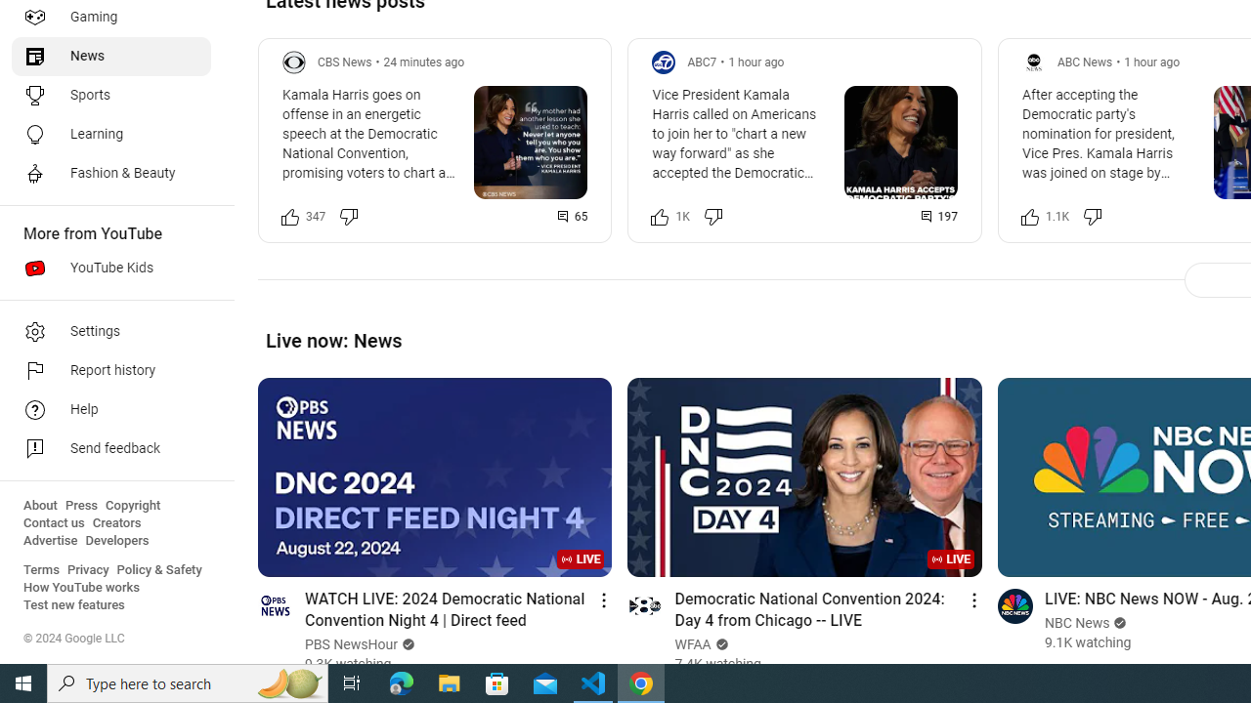 The width and height of the screenshot is (1251, 703). Describe the element at coordinates (1076, 623) in the screenshot. I see `'NBC News'` at that location.